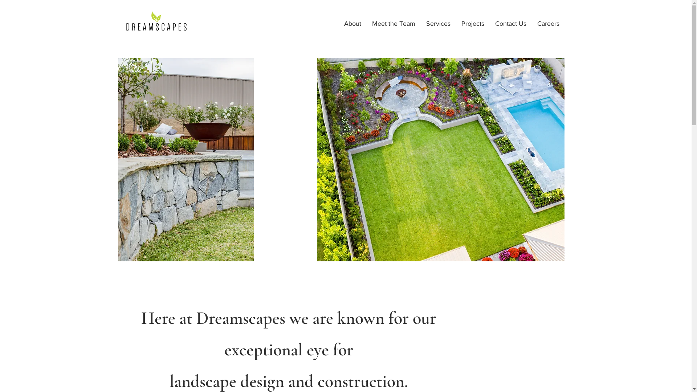 Image resolution: width=697 pixels, height=392 pixels. Describe the element at coordinates (393, 23) in the screenshot. I see `'Meet the Team'` at that location.